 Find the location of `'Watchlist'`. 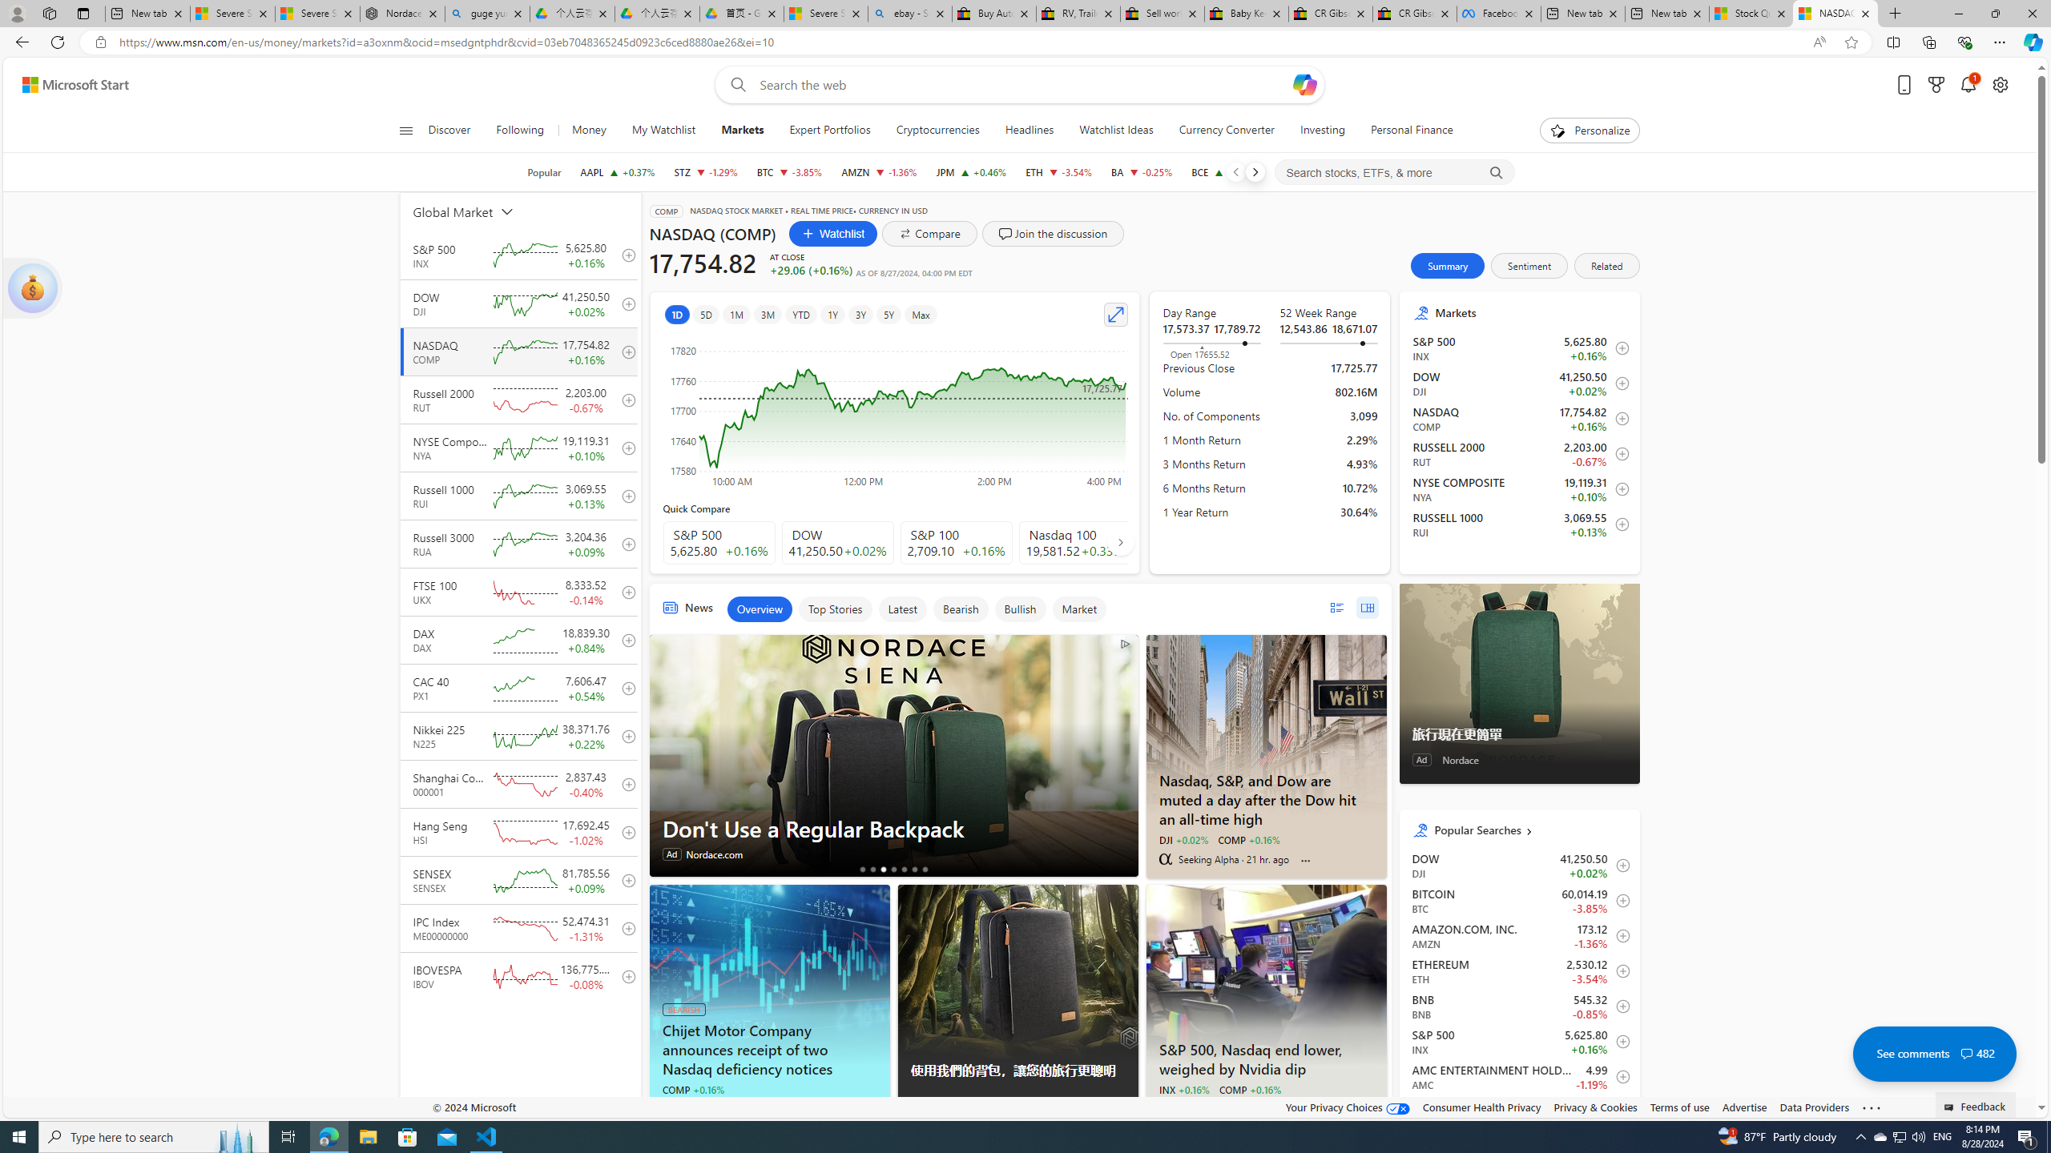

'Watchlist' is located at coordinates (832, 233).